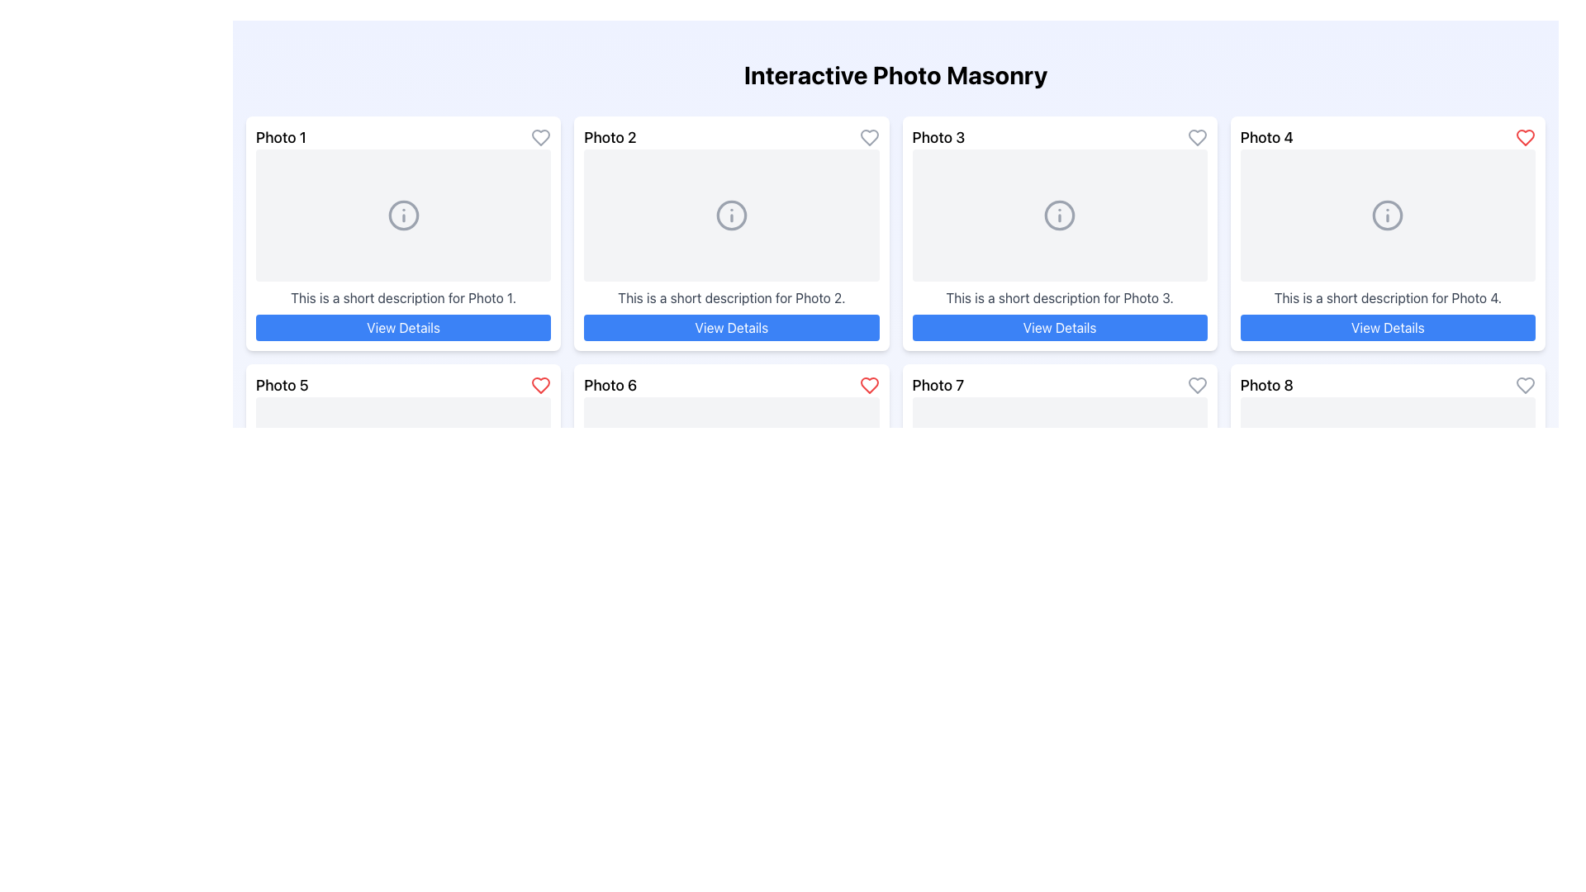 The width and height of the screenshot is (1586, 892). I want to click on the text block providing context for Photo 3, located below the image section and above the 'View Details' button in the third photo card, so click(1060, 298).